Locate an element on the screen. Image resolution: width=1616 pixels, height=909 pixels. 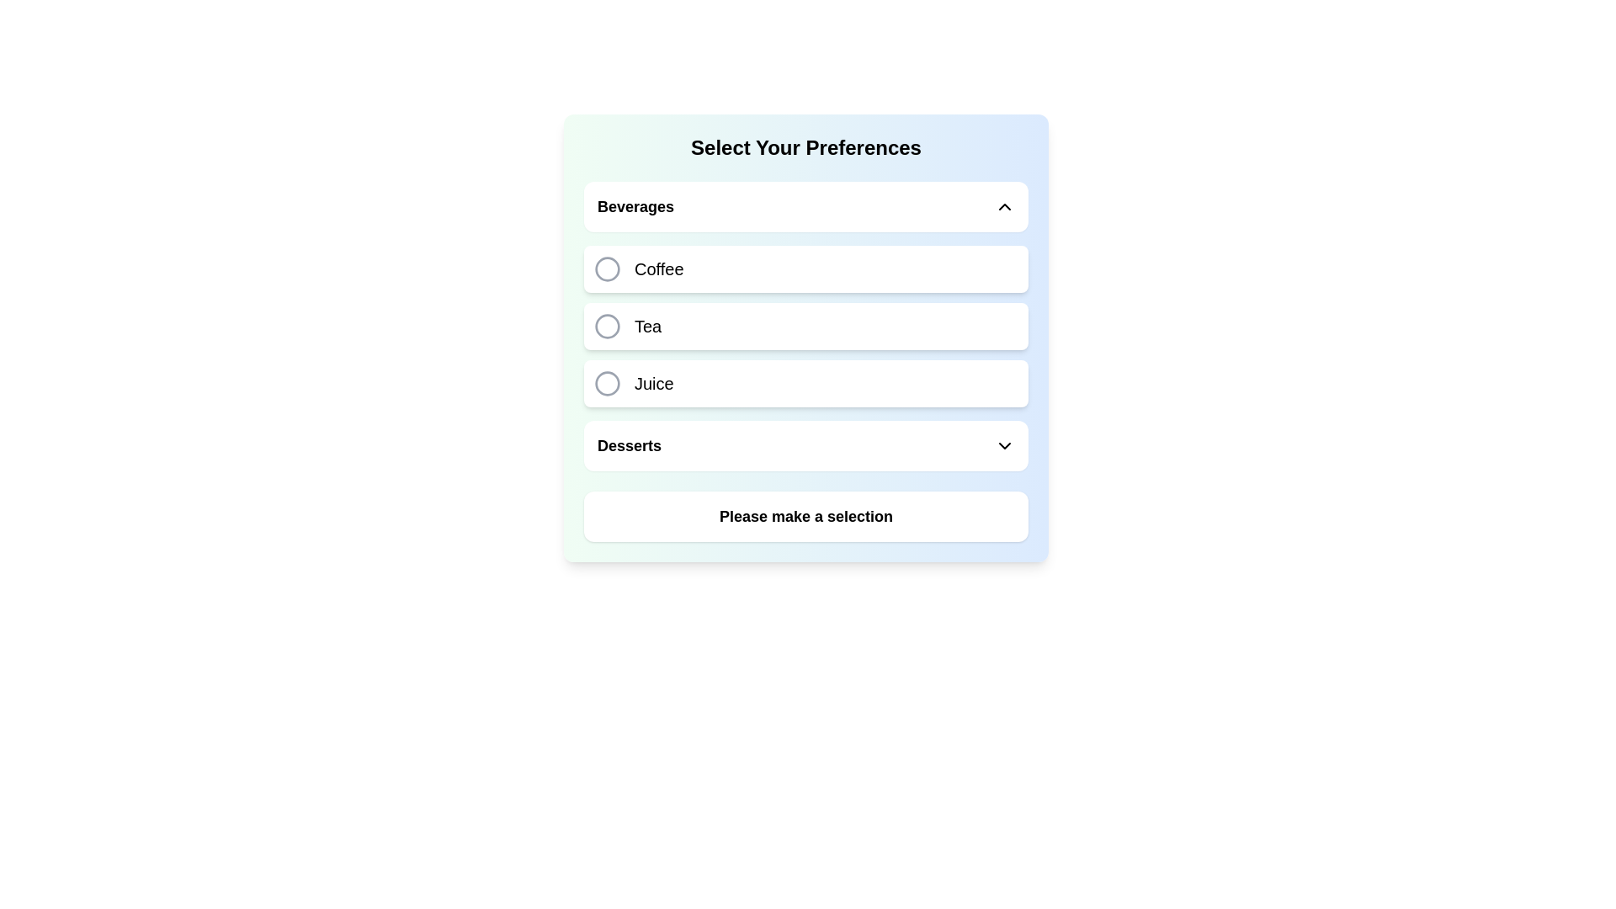
the filled circular radio button indicator located to the left of the 'Coffee' text in the beverage options list is located at coordinates (606, 268).